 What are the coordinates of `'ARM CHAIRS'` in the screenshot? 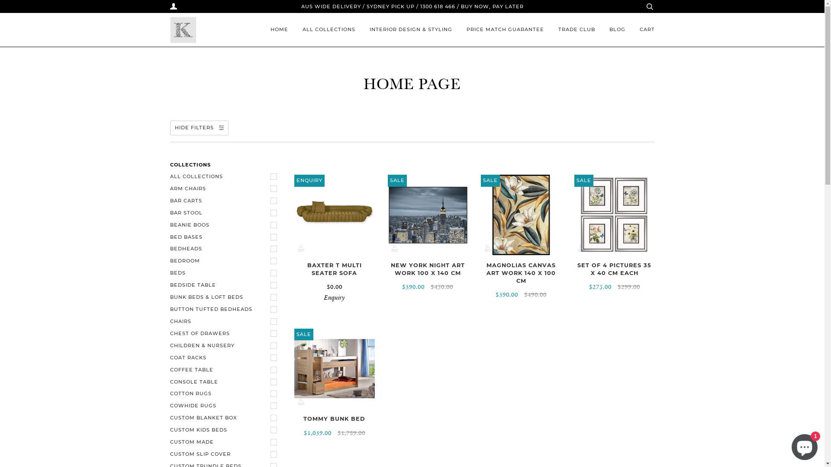 It's located at (225, 188).